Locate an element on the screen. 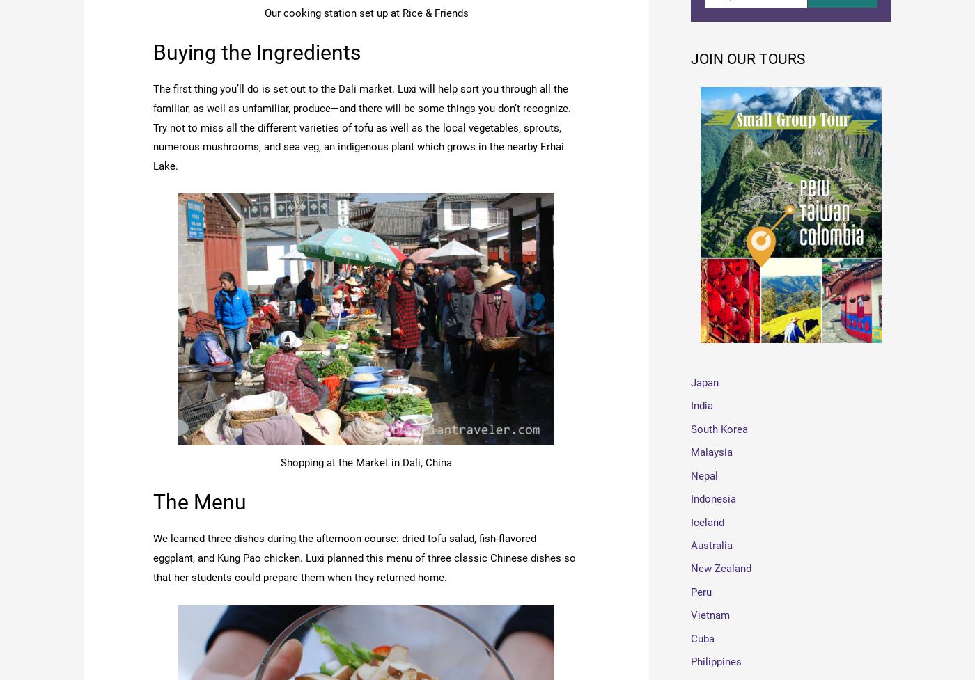 The height and width of the screenshot is (680, 975). 'Our cooking station set up at Rice & Friends' is located at coordinates (366, 12).